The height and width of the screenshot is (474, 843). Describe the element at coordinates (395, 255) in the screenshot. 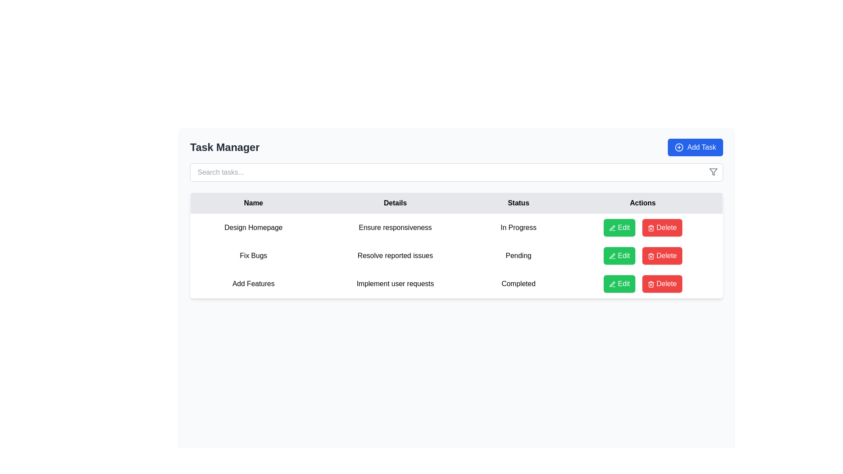

I see `the Text label in the second row of the table under the 'Details' column that describes an action-item related to resolving reported issues` at that location.